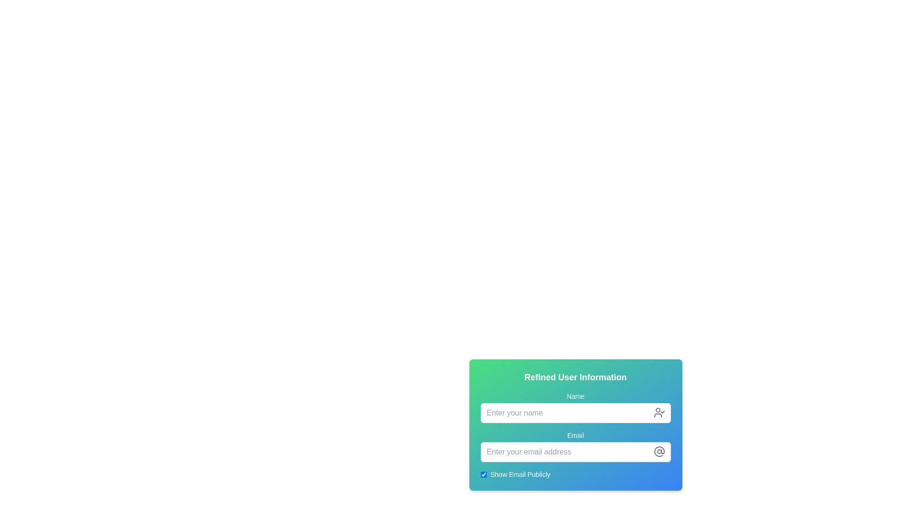 This screenshot has width=913, height=514. Describe the element at coordinates (484, 474) in the screenshot. I see `the small square checkbox with a blue background and a white checkmark located next to the label 'Show Email Publicly'` at that location.